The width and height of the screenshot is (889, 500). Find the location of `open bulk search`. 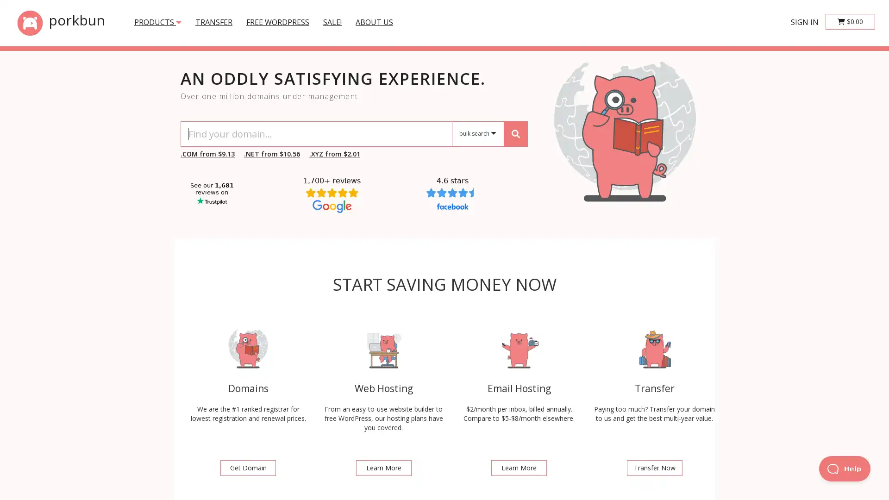

open bulk search is located at coordinates (478, 134).